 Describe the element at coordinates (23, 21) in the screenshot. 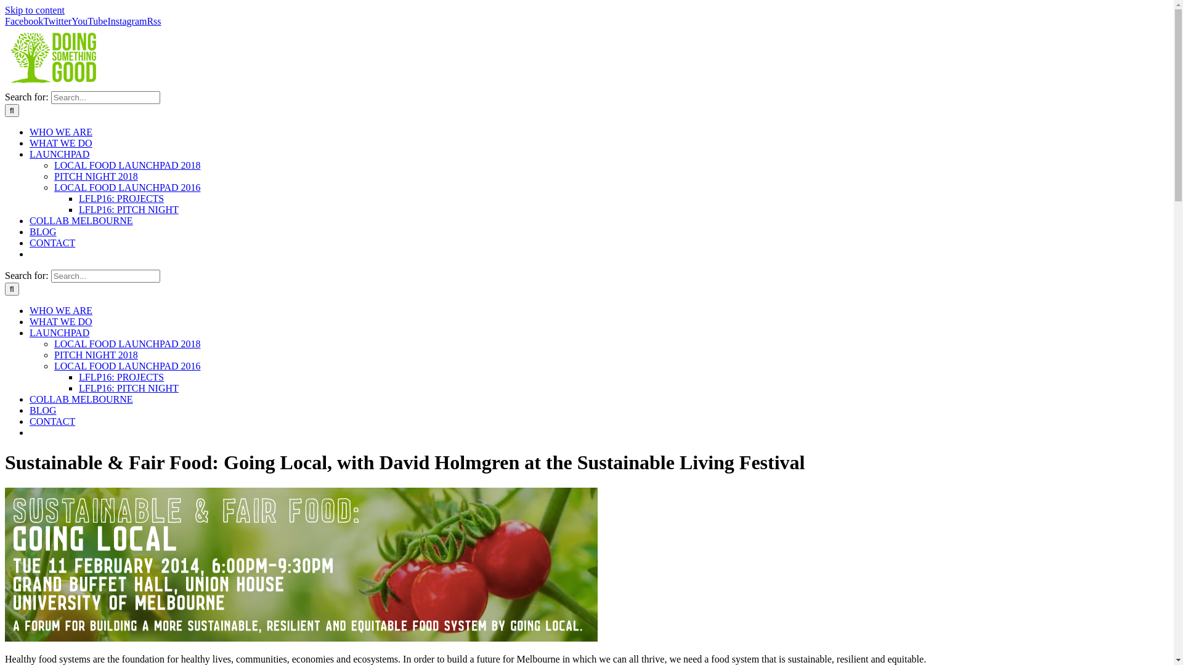

I see `'Facebook'` at that location.